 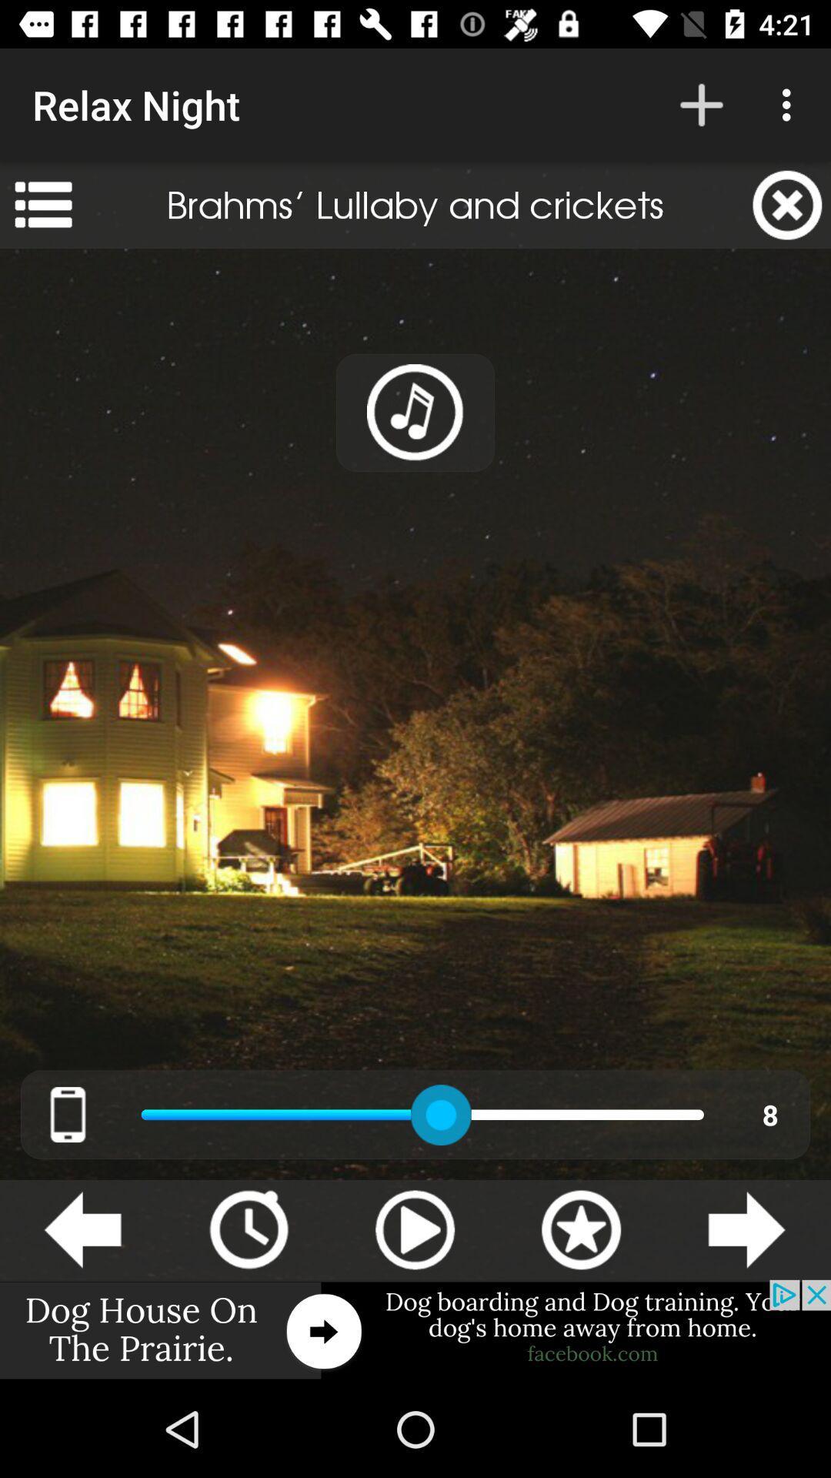 What do you see at coordinates (746, 1229) in the screenshot?
I see `next button on page` at bounding box center [746, 1229].